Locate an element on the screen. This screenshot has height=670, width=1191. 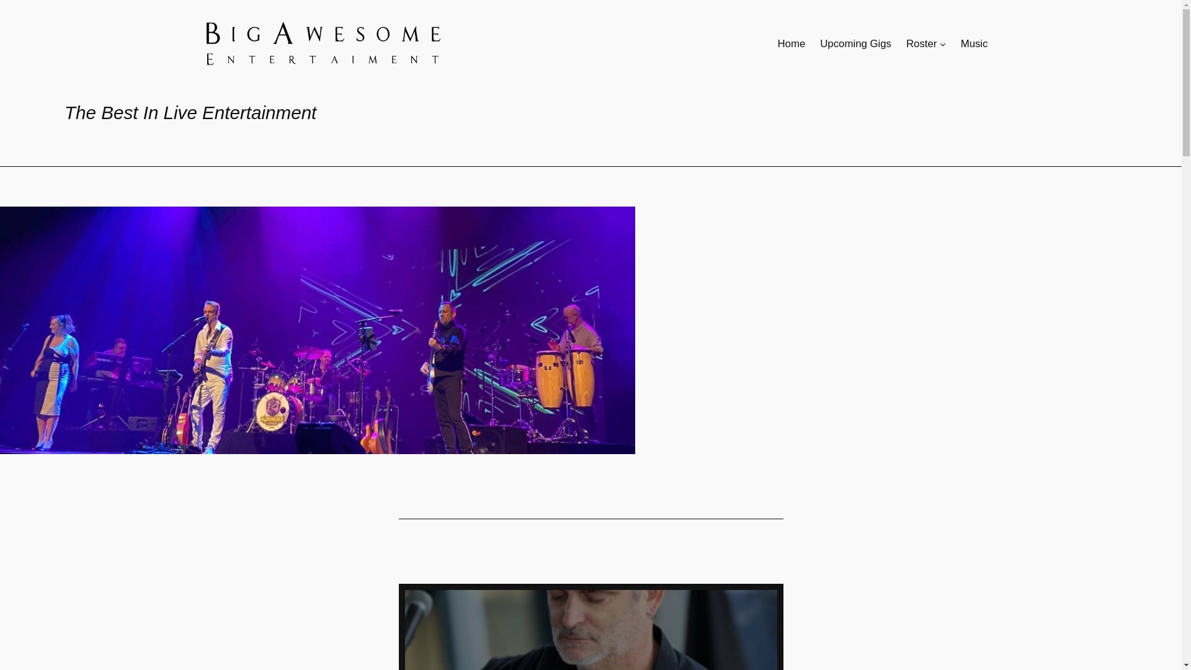
'Home' is located at coordinates (790, 43).